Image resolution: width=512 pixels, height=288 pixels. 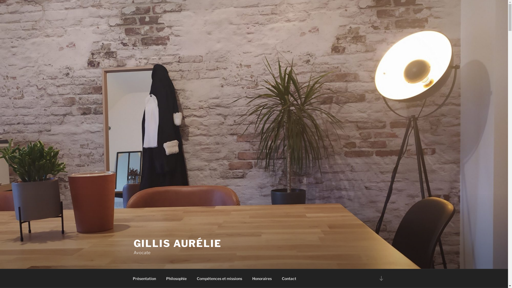 What do you see at coordinates (177, 278) in the screenshot?
I see `'Philosophie'` at bounding box center [177, 278].